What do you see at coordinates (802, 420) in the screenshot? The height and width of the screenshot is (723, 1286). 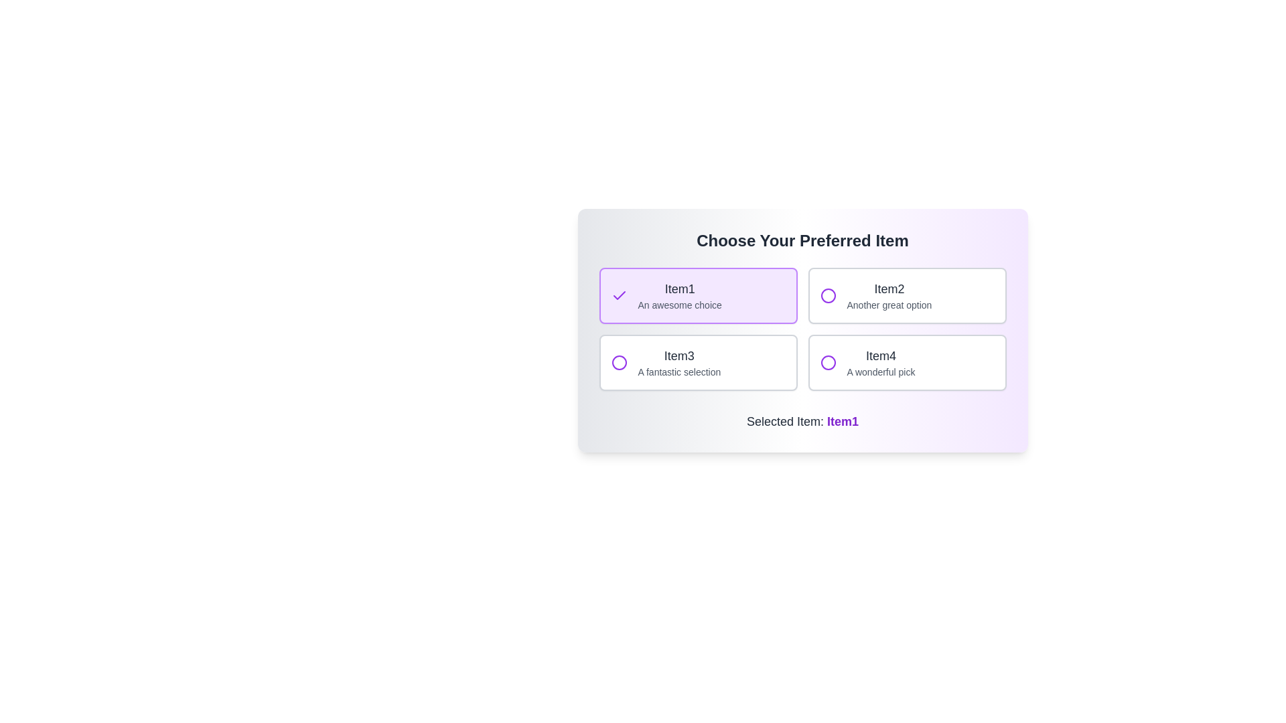 I see `the static informational text display that shows 'Selected Item: Item1' in bold purple color, located at the bottom of the selection interface` at bounding box center [802, 420].